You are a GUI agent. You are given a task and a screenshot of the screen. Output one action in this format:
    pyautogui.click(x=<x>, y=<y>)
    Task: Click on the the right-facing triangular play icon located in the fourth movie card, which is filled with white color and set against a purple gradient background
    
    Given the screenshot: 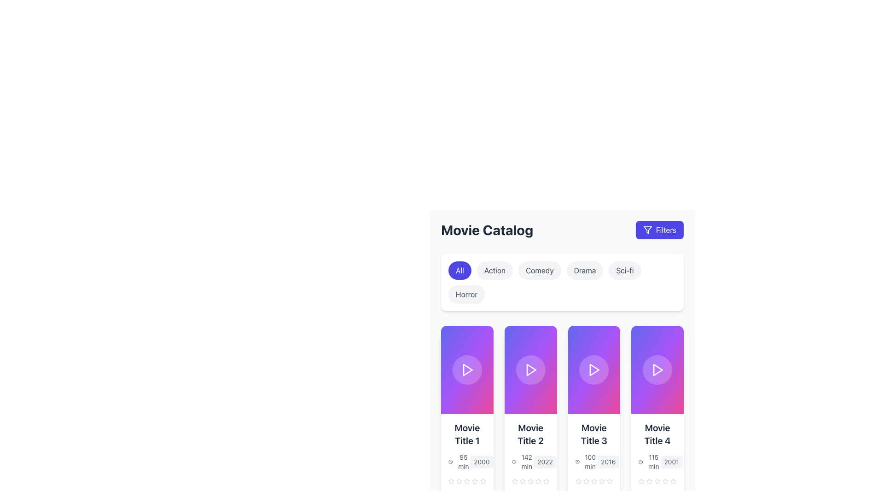 What is the action you would take?
    pyautogui.click(x=657, y=369)
    